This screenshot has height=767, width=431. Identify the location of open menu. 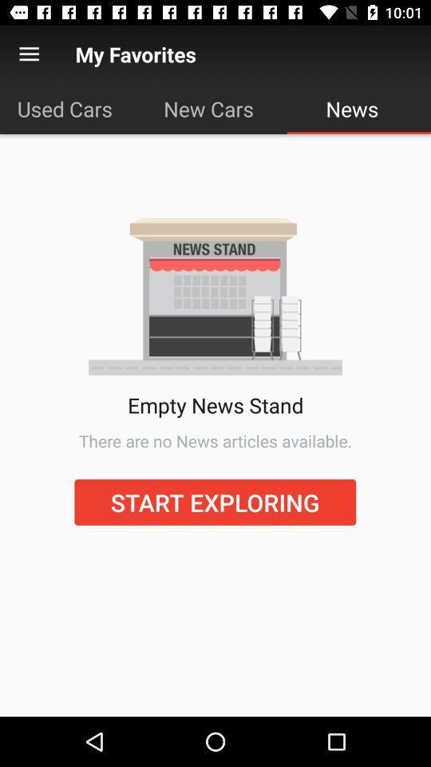
(29, 54).